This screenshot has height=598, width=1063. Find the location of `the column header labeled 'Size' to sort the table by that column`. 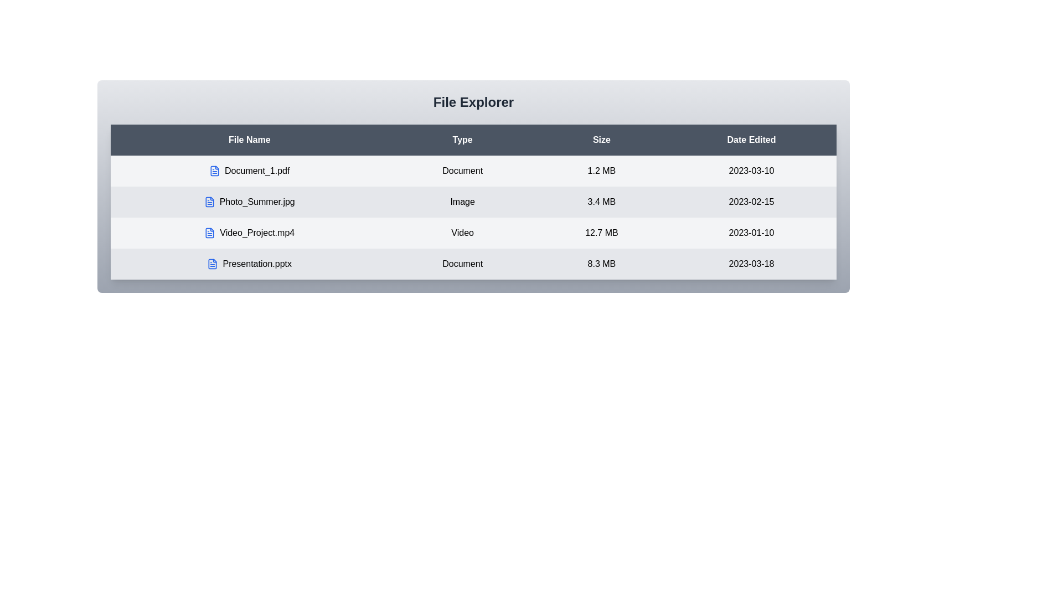

the column header labeled 'Size' to sort the table by that column is located at coordinates (601, 140).